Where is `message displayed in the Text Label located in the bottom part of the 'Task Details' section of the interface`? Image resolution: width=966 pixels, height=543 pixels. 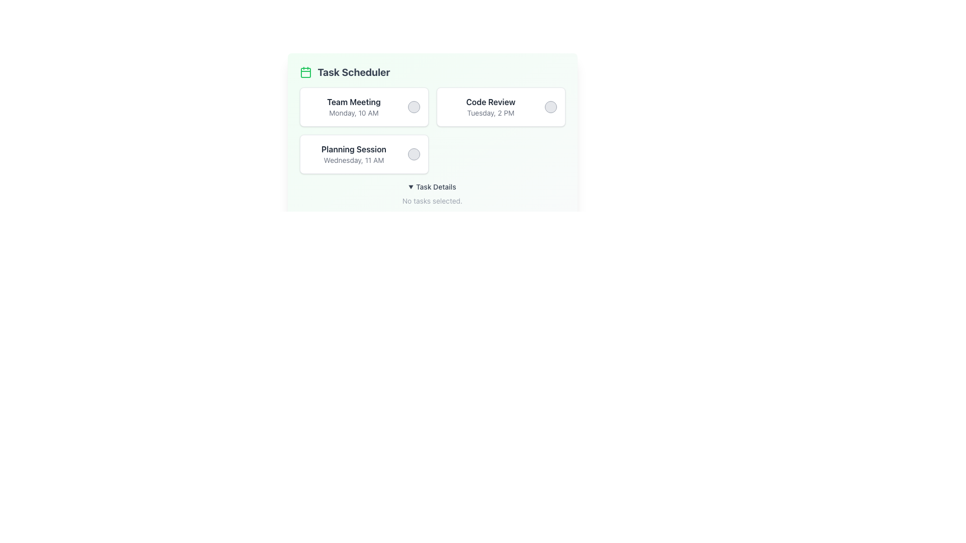 message displayed in the Text Label located in the bottom part of the 'Task Details' section of the interface is located at coordinates (432, 201).